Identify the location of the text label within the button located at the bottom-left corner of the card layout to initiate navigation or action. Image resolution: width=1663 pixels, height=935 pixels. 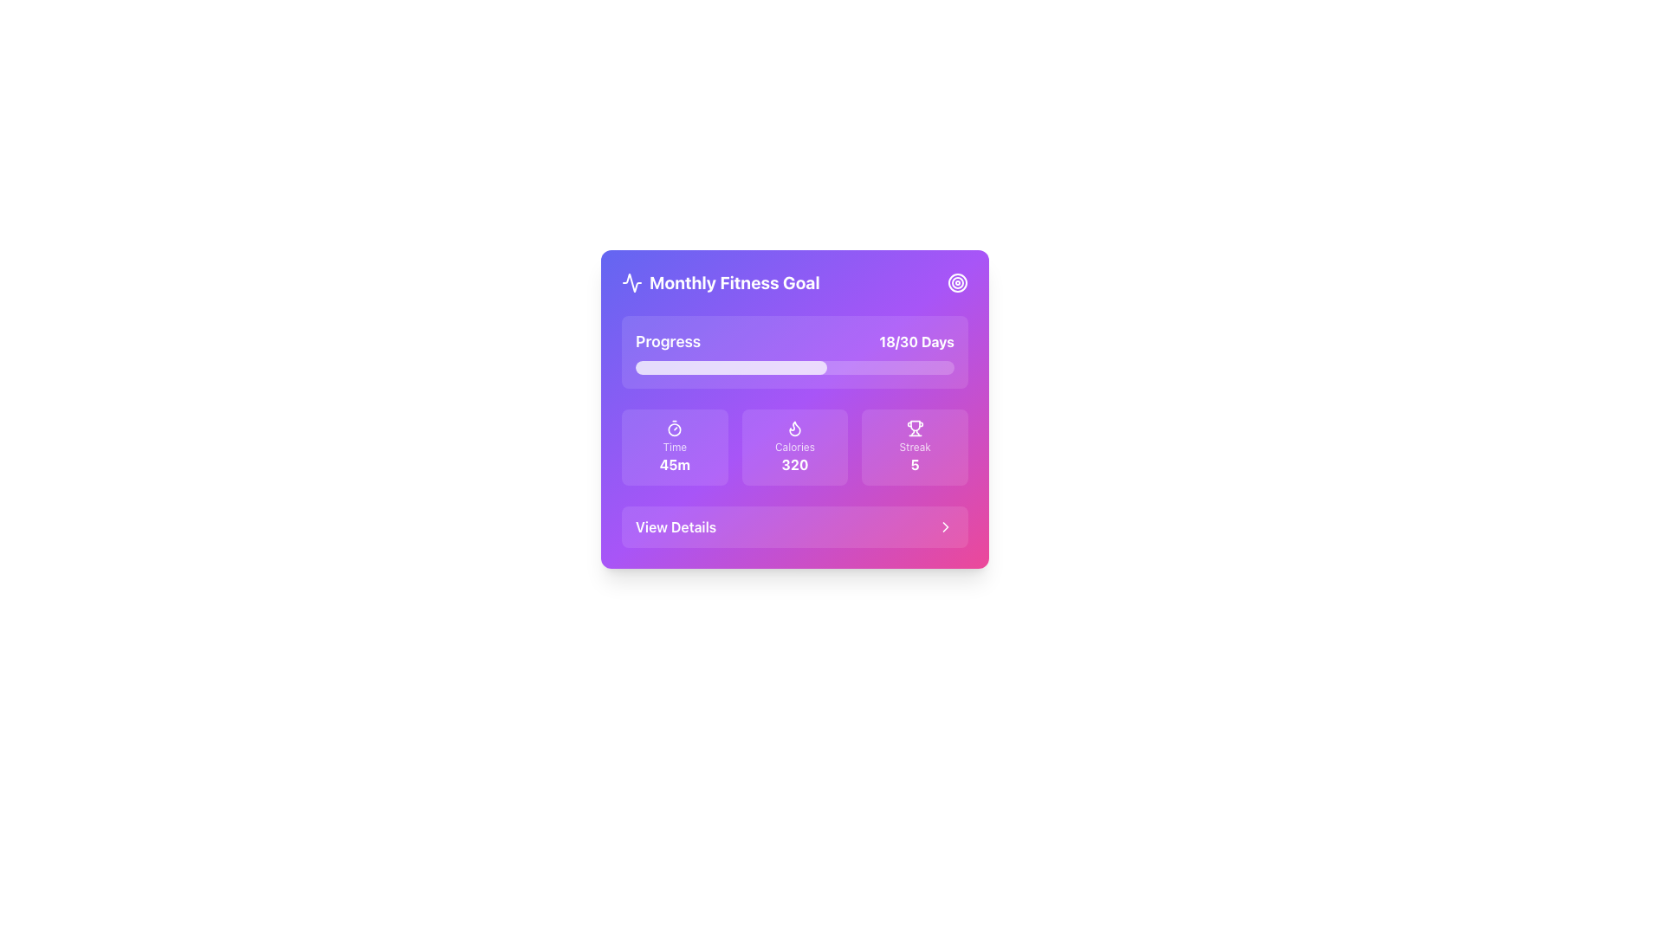
(675, 526).